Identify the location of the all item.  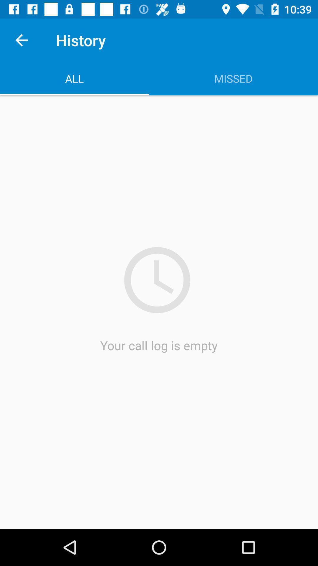
(74, 78).